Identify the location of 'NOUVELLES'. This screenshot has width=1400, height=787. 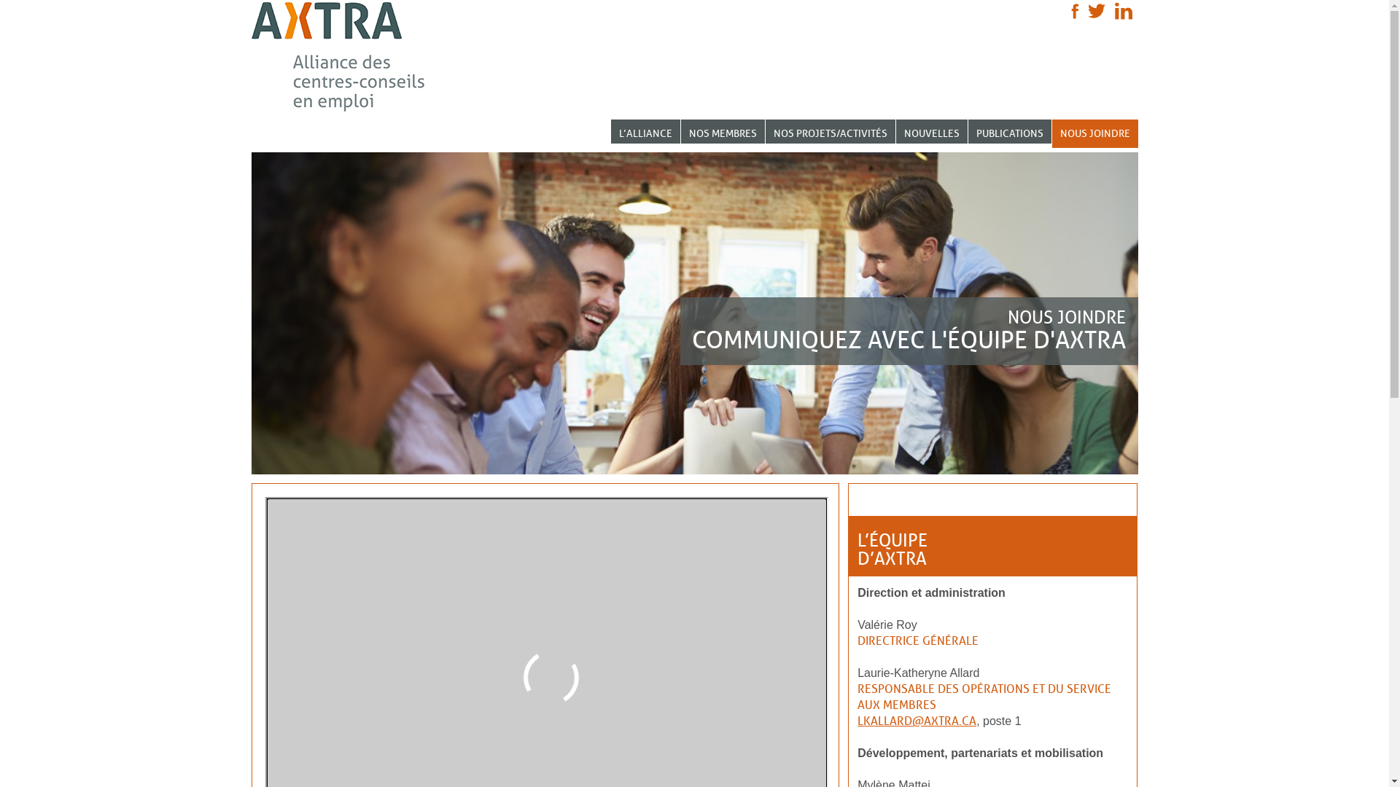
(930, 131).